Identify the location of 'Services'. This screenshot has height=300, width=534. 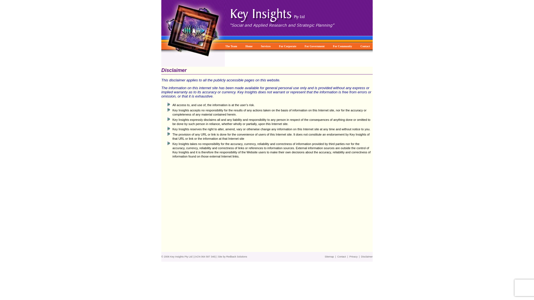
(265, 46).